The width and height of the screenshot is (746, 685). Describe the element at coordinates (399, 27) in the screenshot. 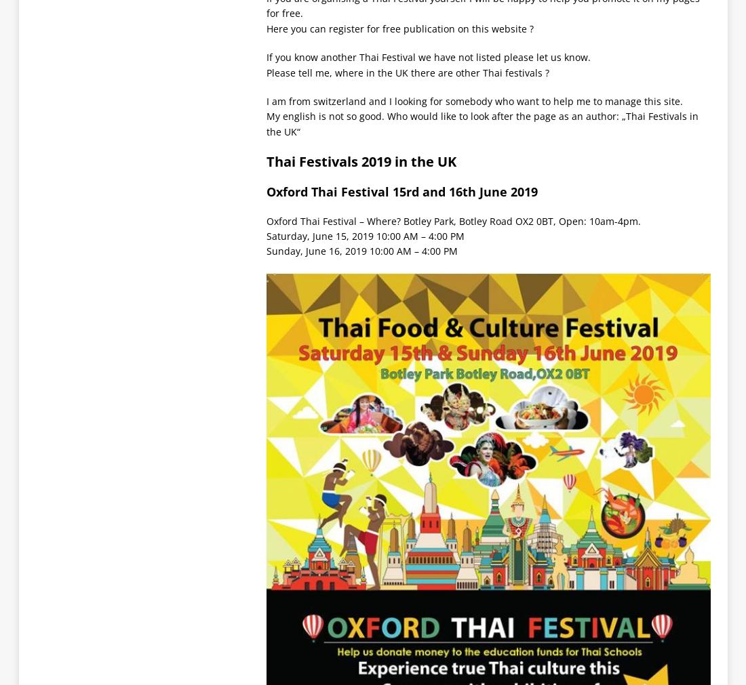

I see `'Here you can register for free publication on this website ?'` at that location.